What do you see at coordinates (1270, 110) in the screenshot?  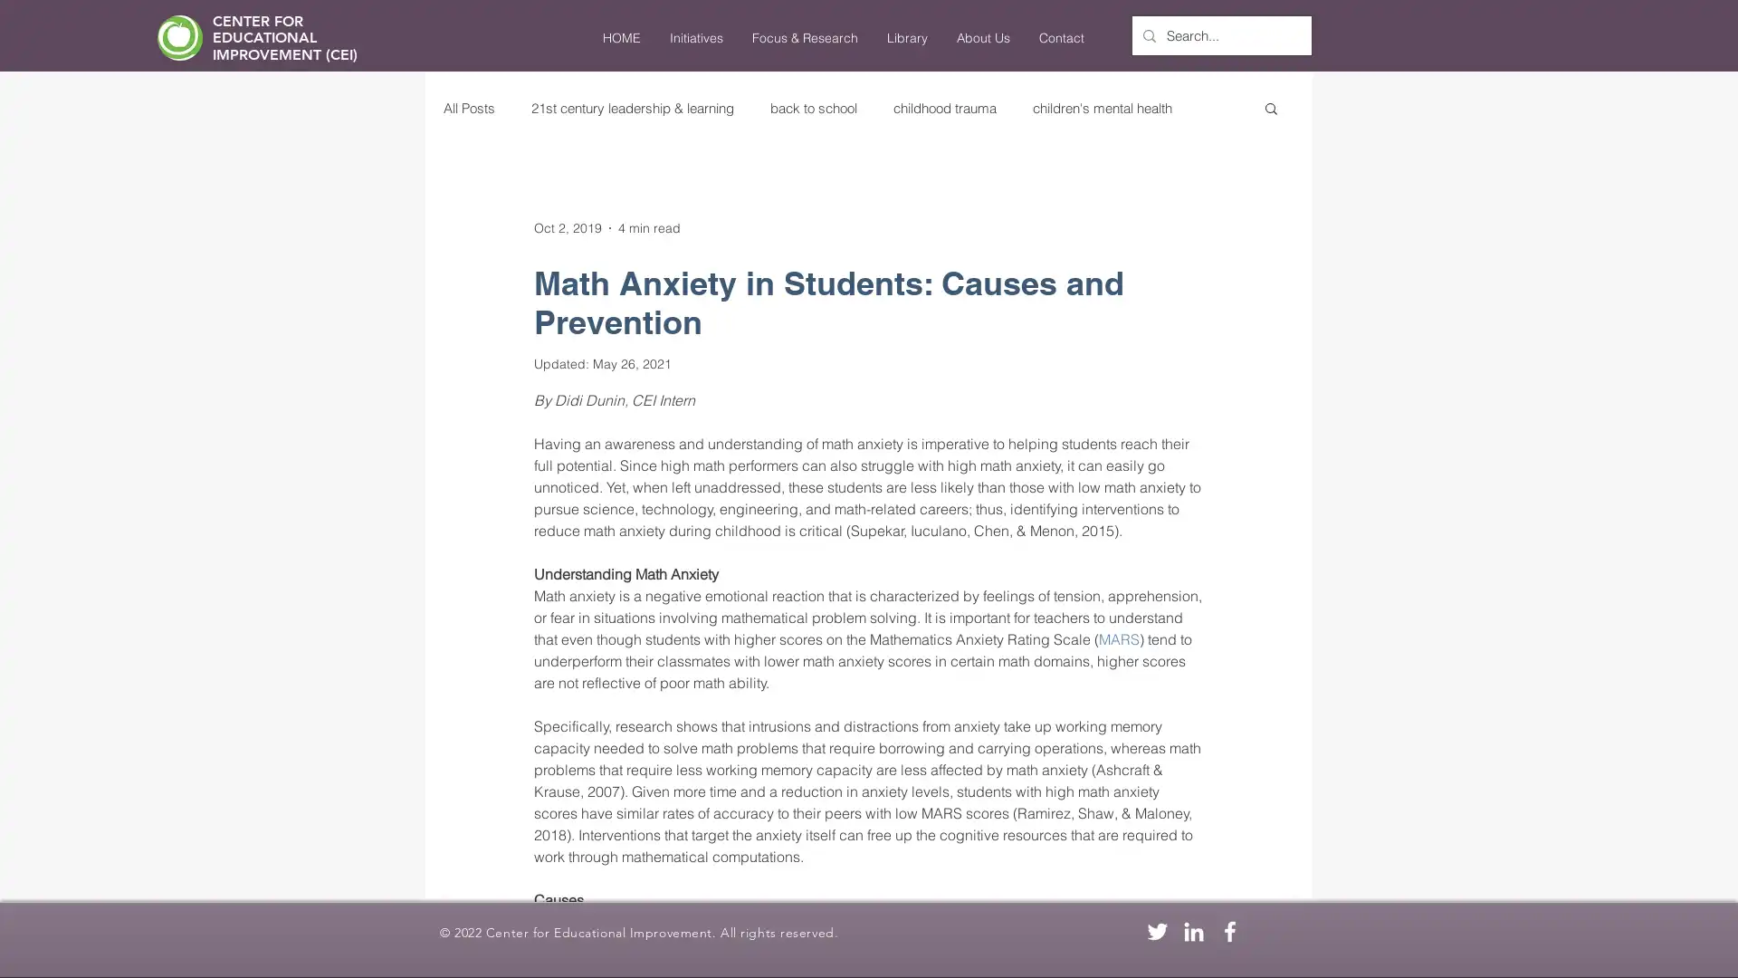 I see `Search` at bounding box center [1270, 110].